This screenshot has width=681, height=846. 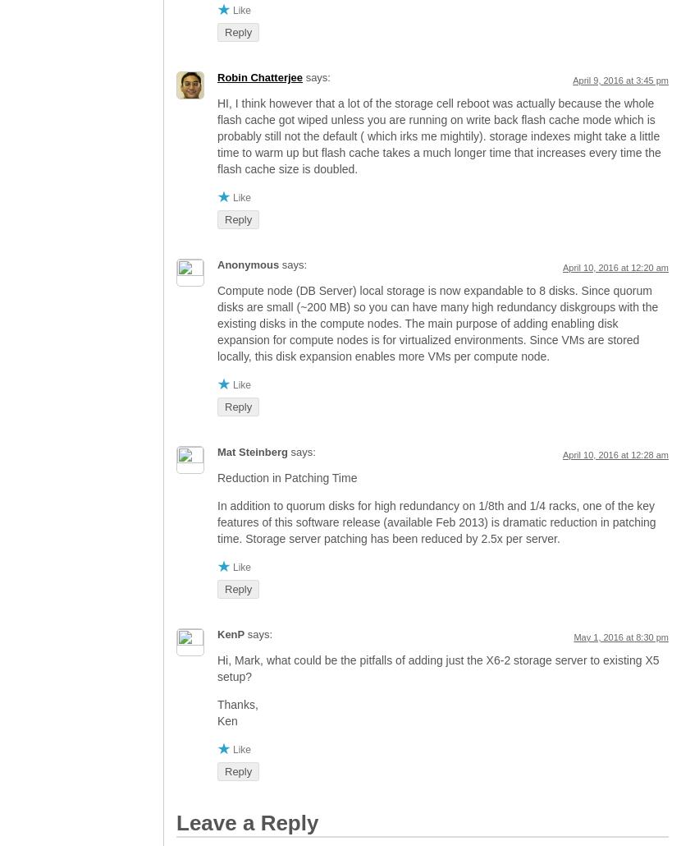 What do you see at coordinates (620, 79) in the screenshot?
I see `'April 9, 2016 at 3:45 pm'` at bounding box center [620, 79].